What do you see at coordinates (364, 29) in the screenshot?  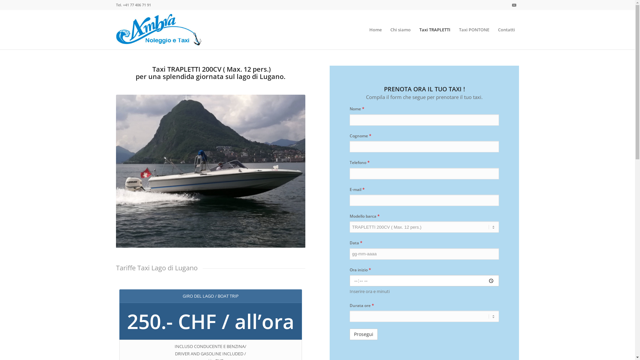 I see `'Home'` at bounding box center [364, 29].